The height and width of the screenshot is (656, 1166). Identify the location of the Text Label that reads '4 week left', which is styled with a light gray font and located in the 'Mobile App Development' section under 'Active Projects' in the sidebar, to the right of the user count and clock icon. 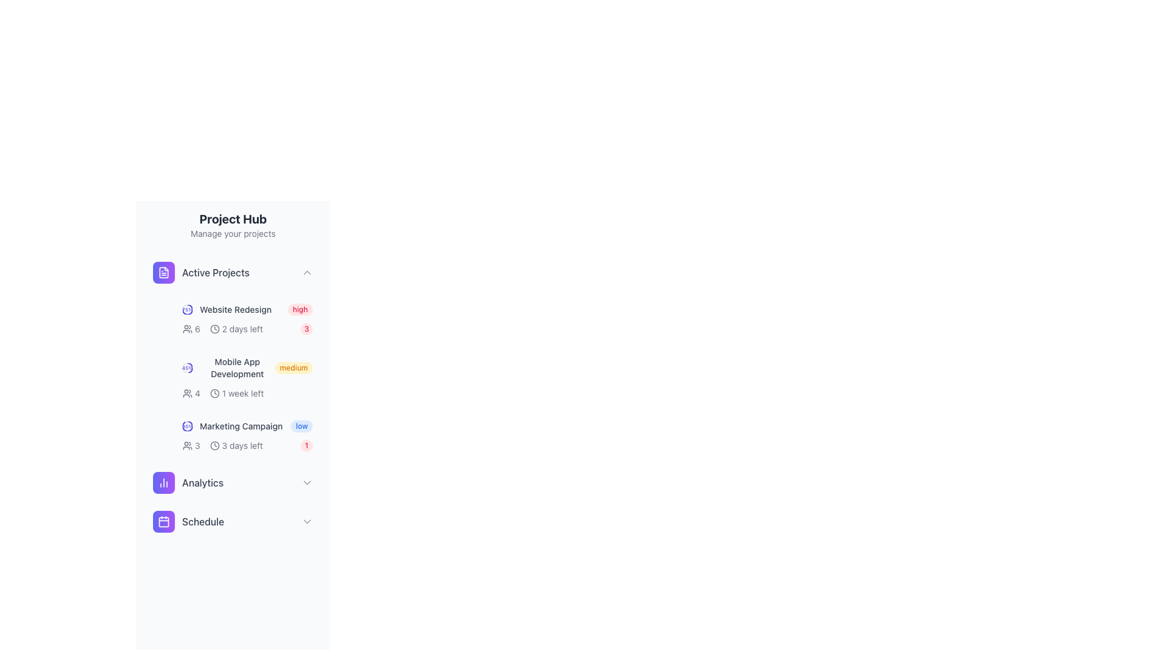
(223, 394).